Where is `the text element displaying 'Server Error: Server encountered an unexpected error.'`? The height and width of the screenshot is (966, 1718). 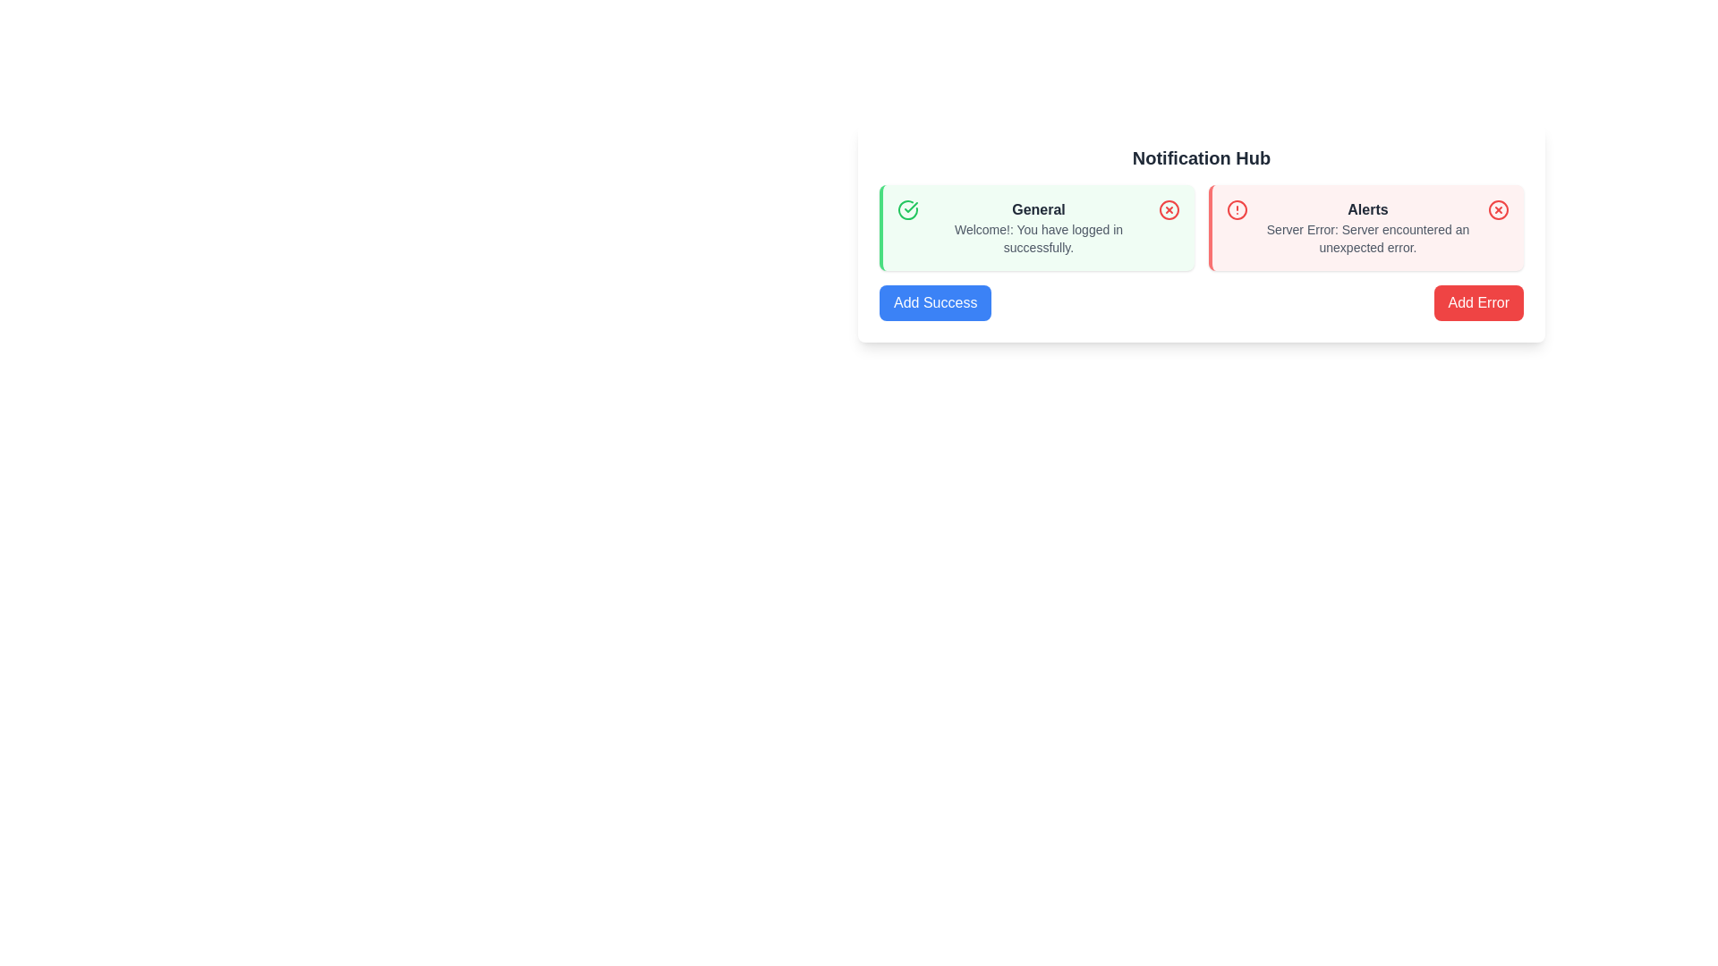 the text element displaying 'Server Error: Server encountered an unexpected error.' is located at coordinates (1367, 237).